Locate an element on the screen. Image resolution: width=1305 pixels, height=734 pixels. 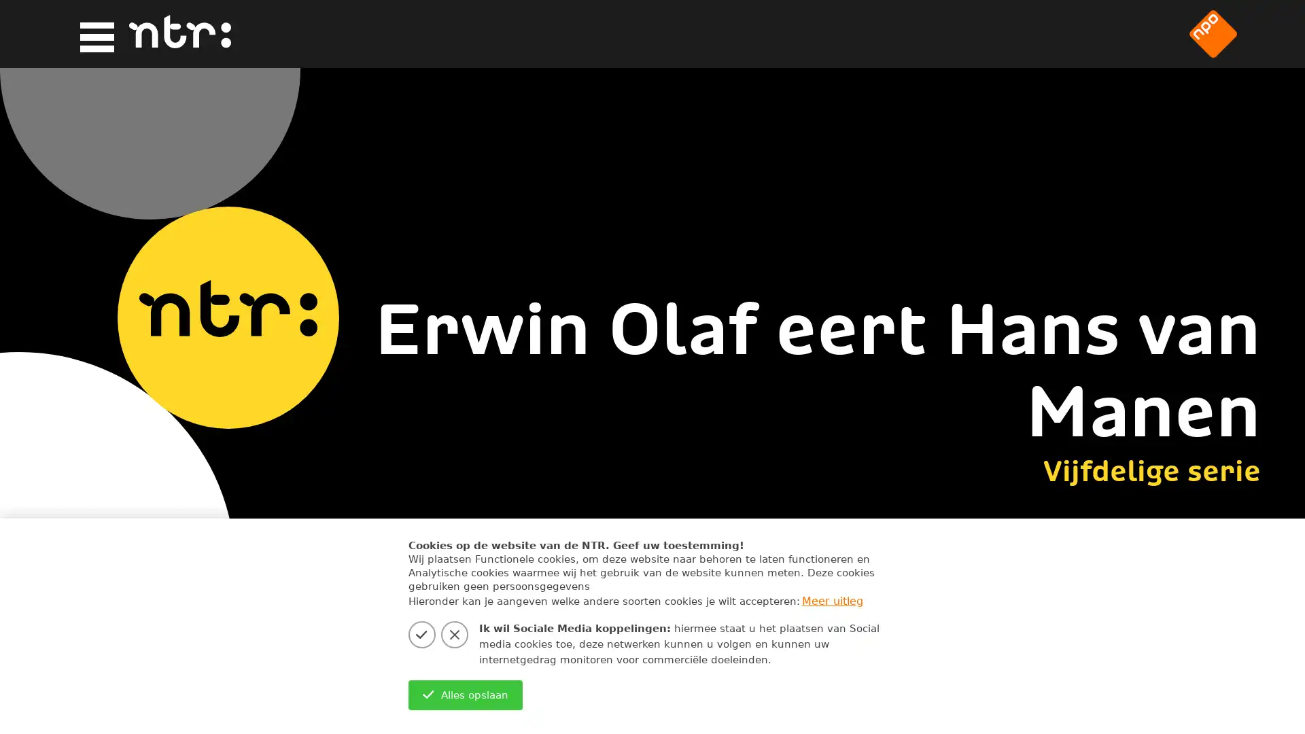
Alles opslaan is located at coordinates (465, 695).